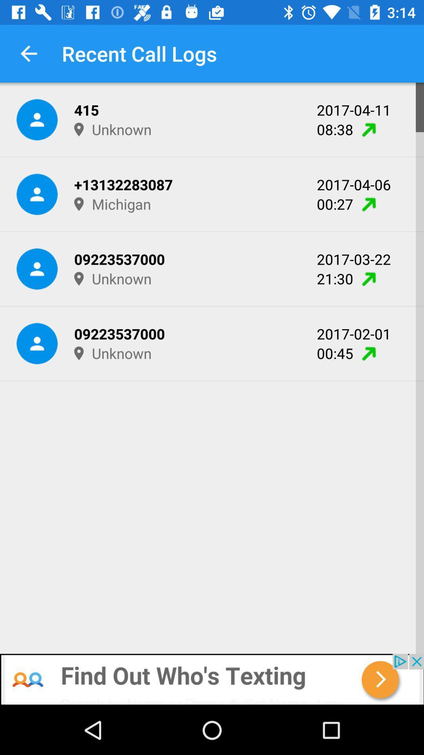  Describe the element at coordinates (212, 679) in the screenshot. I see `see advertisement` at that location.